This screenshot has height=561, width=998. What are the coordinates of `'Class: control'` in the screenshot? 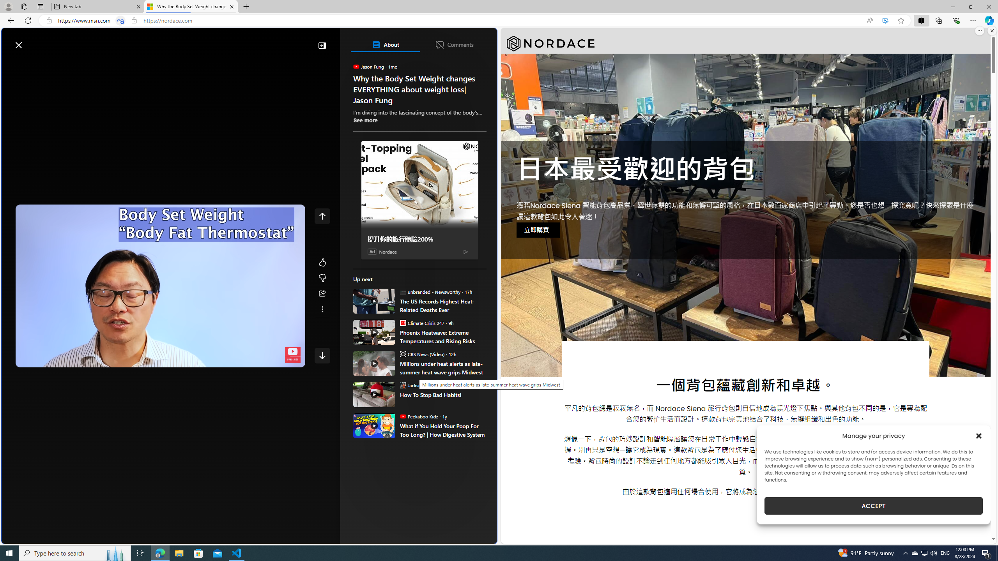 It's located at (322, 355).